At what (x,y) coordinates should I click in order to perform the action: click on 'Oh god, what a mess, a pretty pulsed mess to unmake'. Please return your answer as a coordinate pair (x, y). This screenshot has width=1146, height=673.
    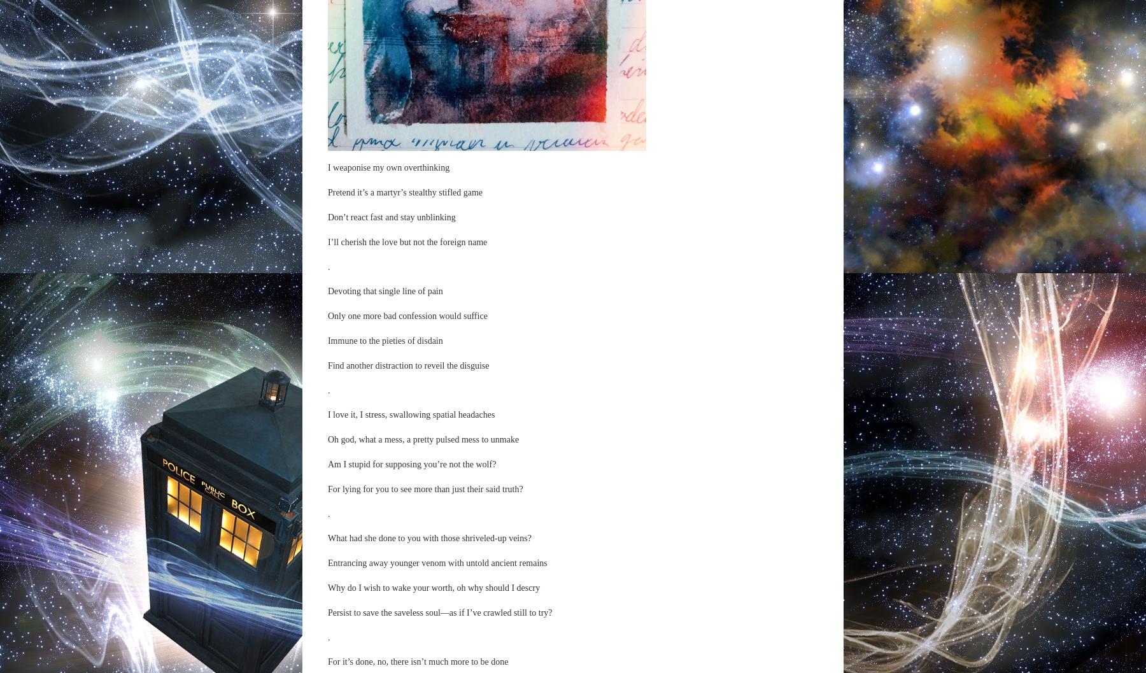
    Looking at the image, I should click on (423, 439).